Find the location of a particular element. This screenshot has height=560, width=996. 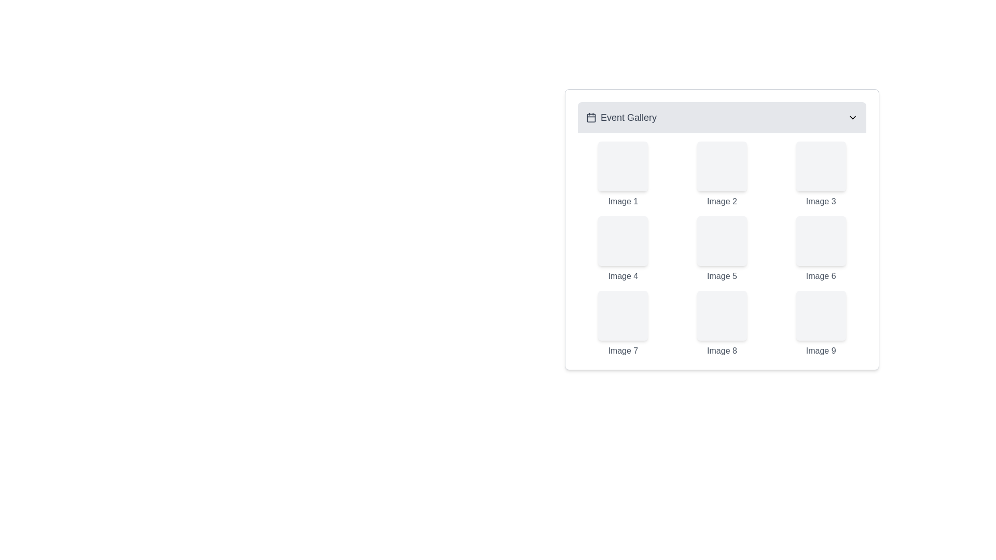

the SVG shape within the calendar icon located to the left of the 'Event Gallery' text label is located at coordinates (591, 117).